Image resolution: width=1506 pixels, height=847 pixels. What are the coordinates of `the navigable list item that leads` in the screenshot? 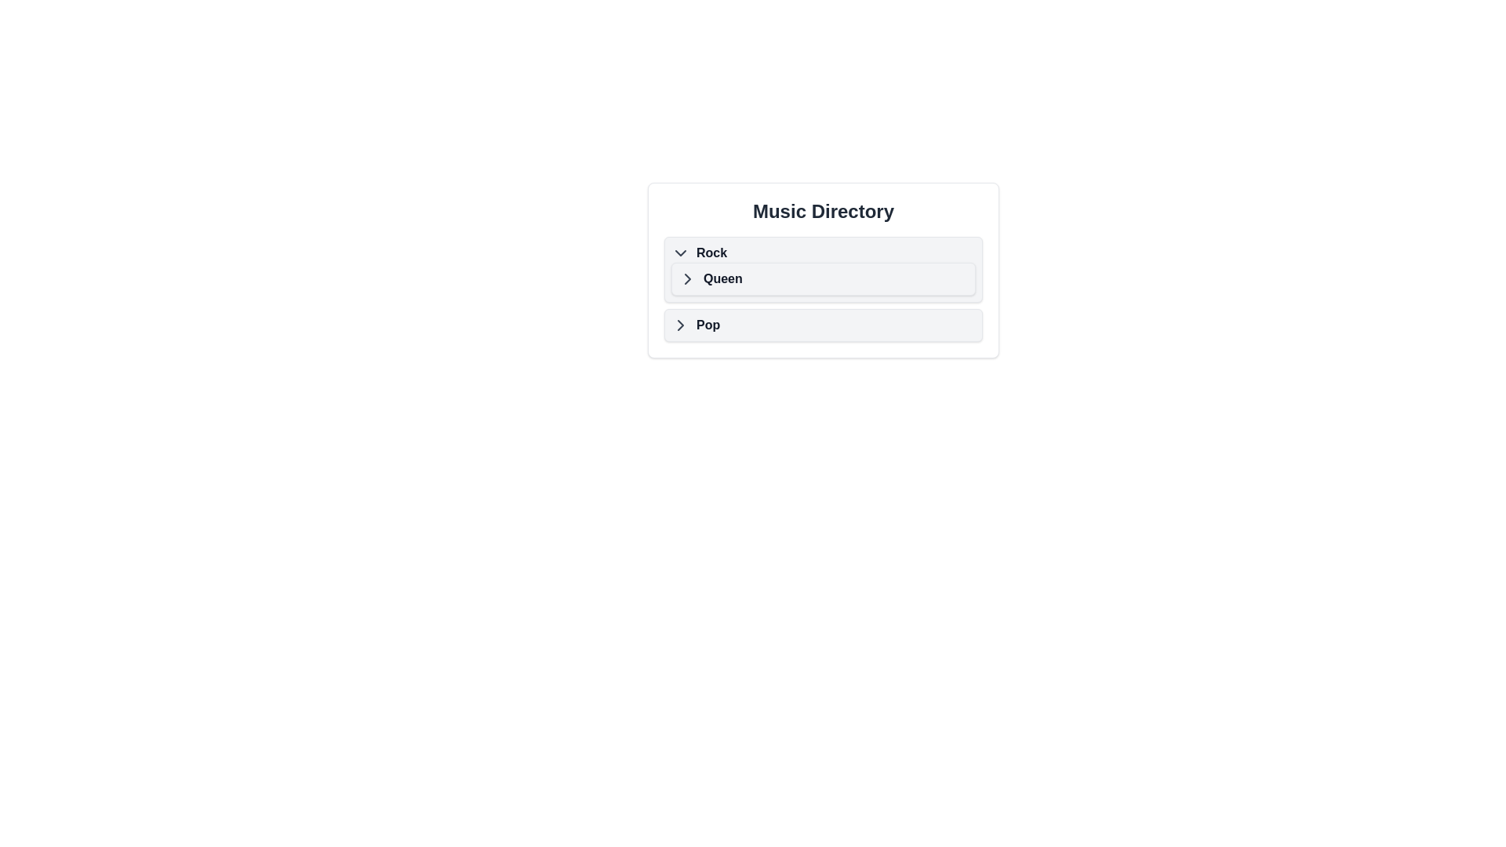 It's located at (823, 278).